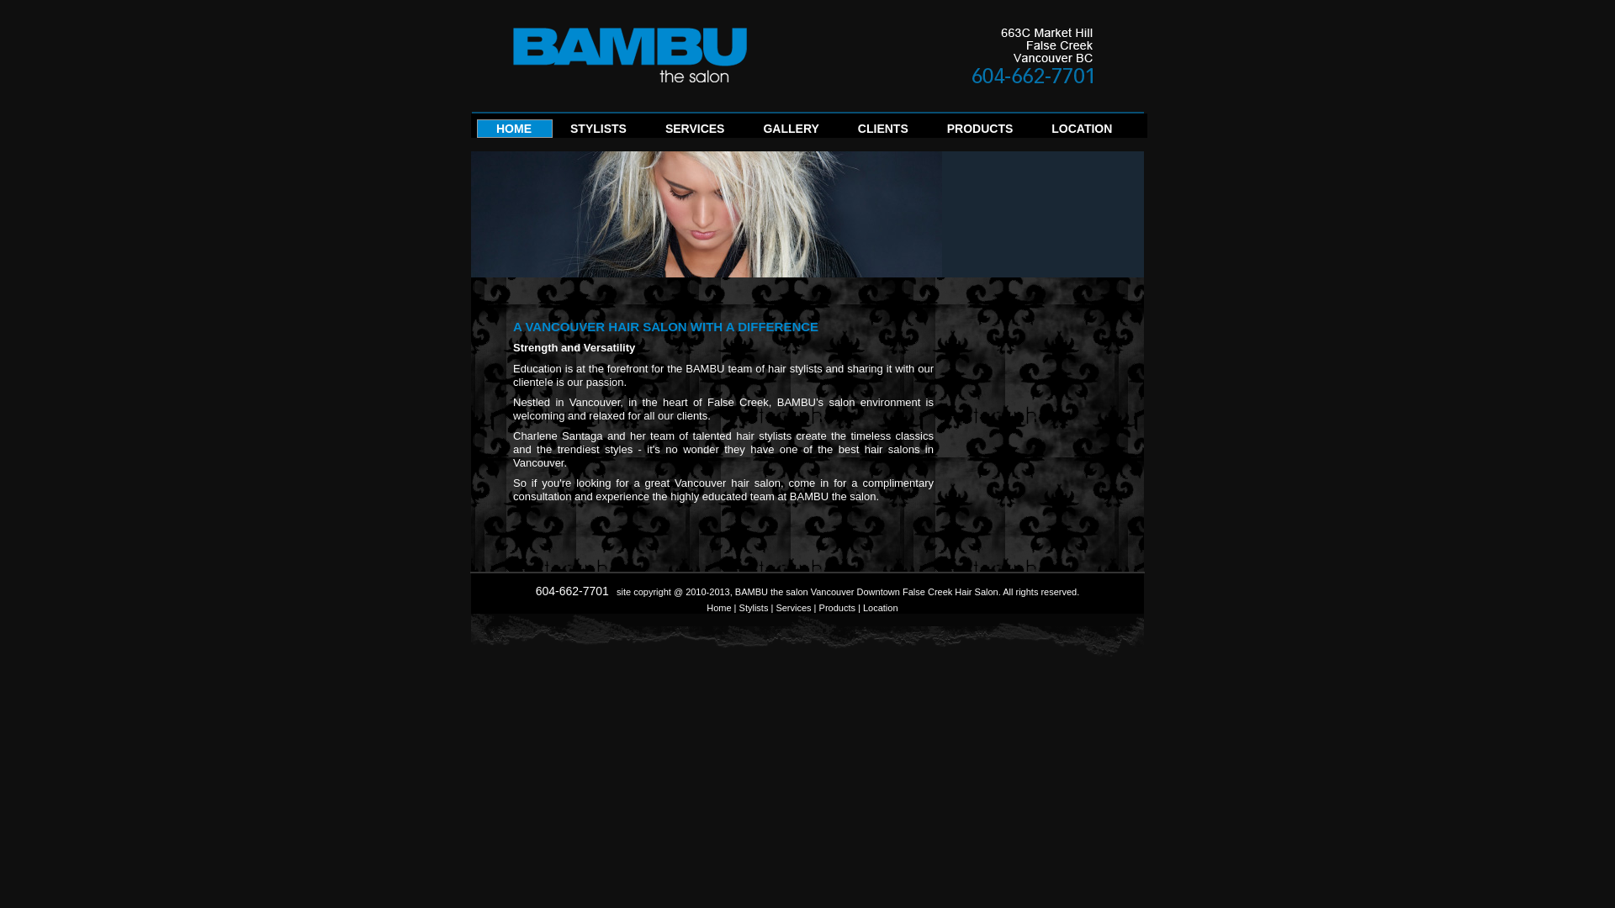 Image resolution: width=1615 pixels, height=908 pixels. I want to click on 'GALLERY', so click(790, 133).